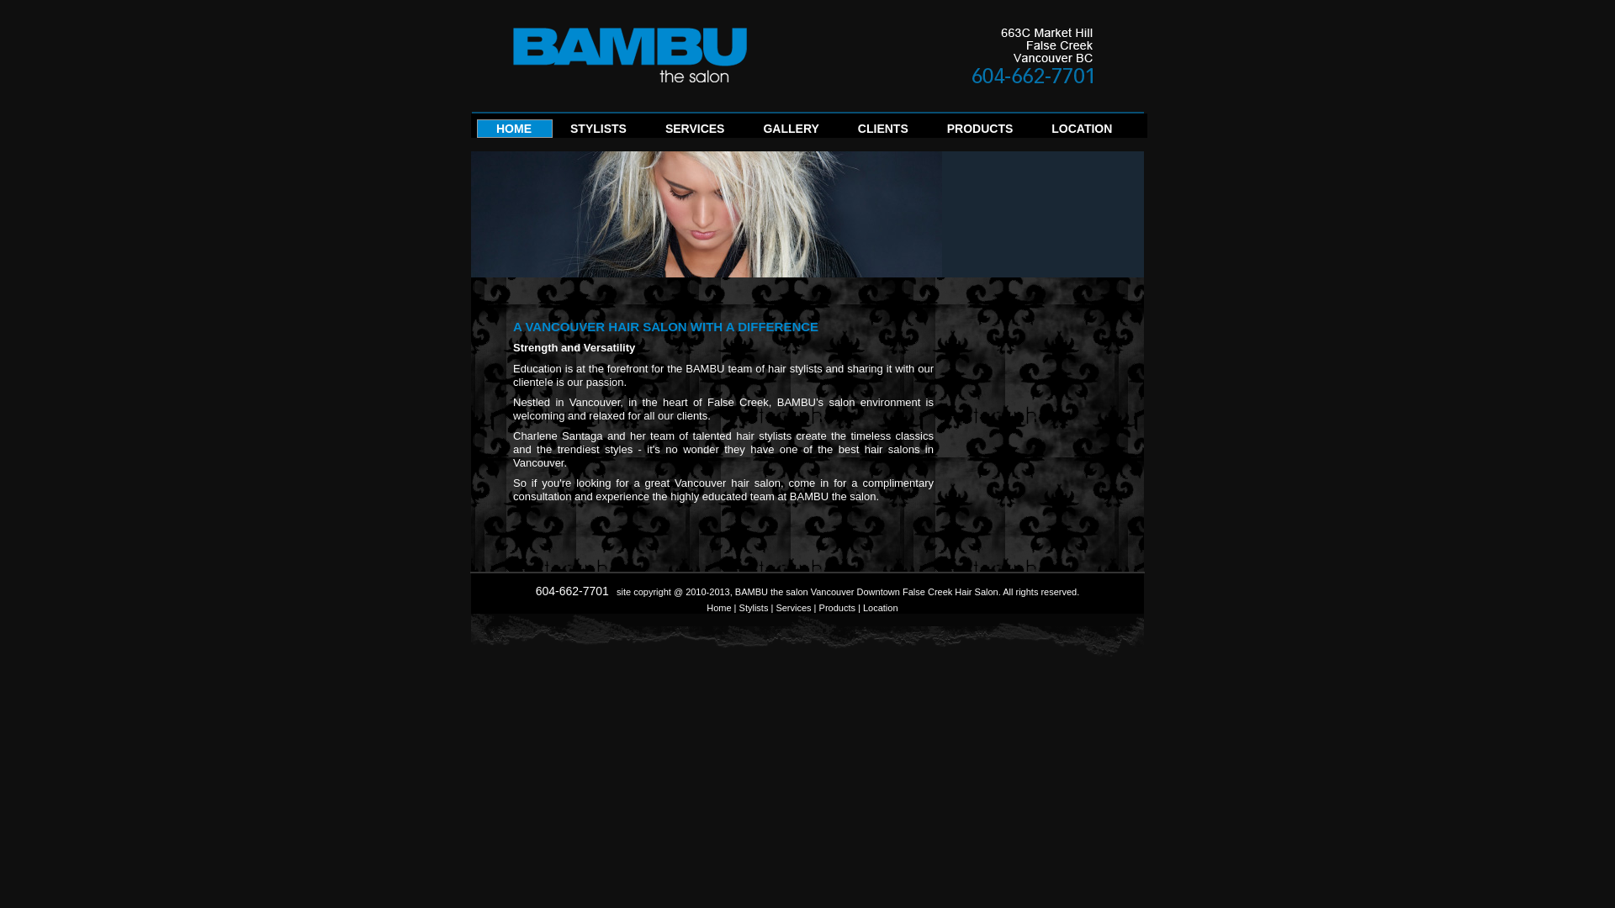 Image resolution: width=1615 pixels, height=908 pixels. I want to click on 'GALLERY', so click(790, 133).